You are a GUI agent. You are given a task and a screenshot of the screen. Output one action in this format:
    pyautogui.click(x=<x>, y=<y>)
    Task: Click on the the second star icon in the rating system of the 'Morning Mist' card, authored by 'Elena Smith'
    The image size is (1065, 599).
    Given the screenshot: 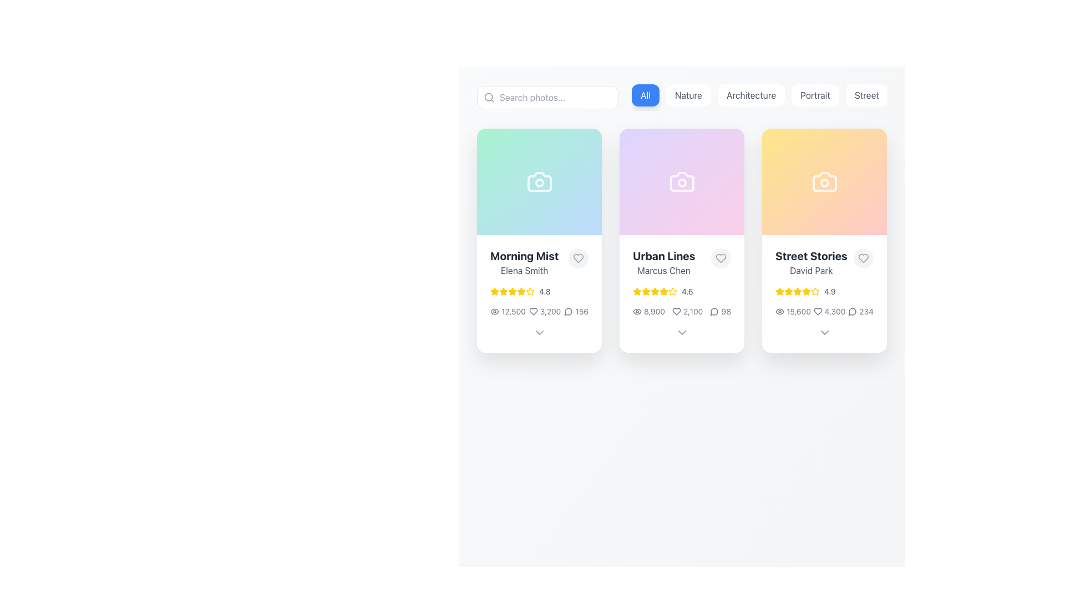 What is the action you would take?
    pyautogui.click(x=503, y=291)
    